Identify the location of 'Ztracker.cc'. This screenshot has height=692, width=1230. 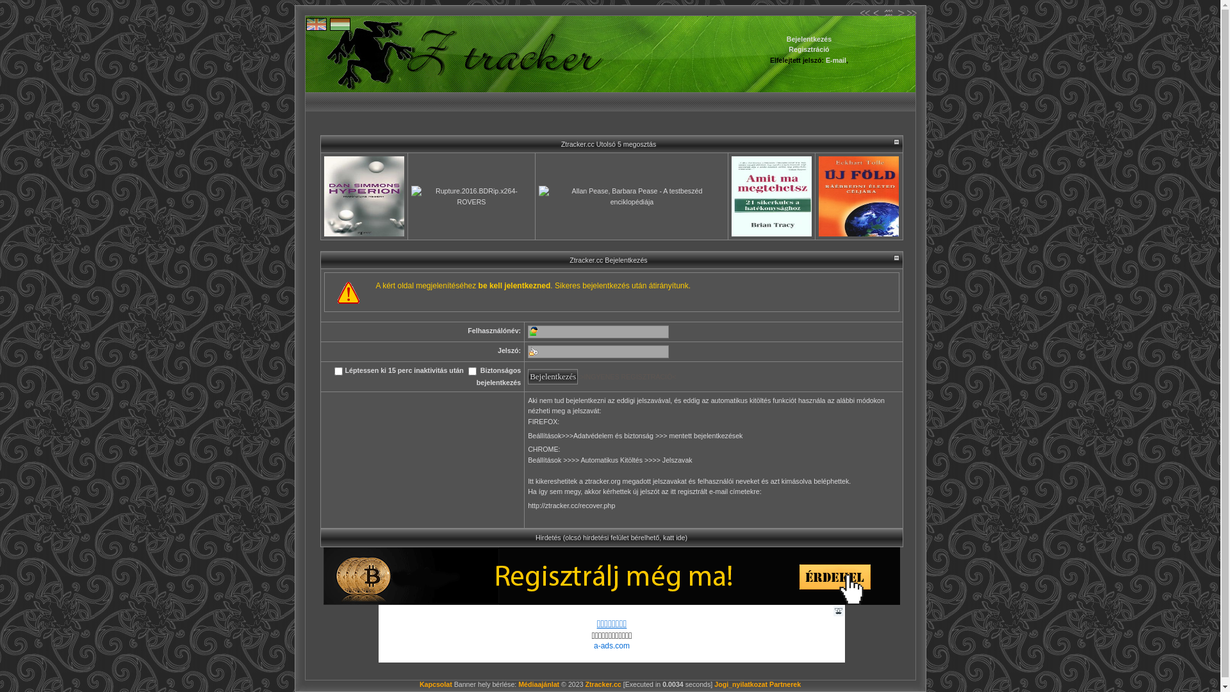
(602, 684).